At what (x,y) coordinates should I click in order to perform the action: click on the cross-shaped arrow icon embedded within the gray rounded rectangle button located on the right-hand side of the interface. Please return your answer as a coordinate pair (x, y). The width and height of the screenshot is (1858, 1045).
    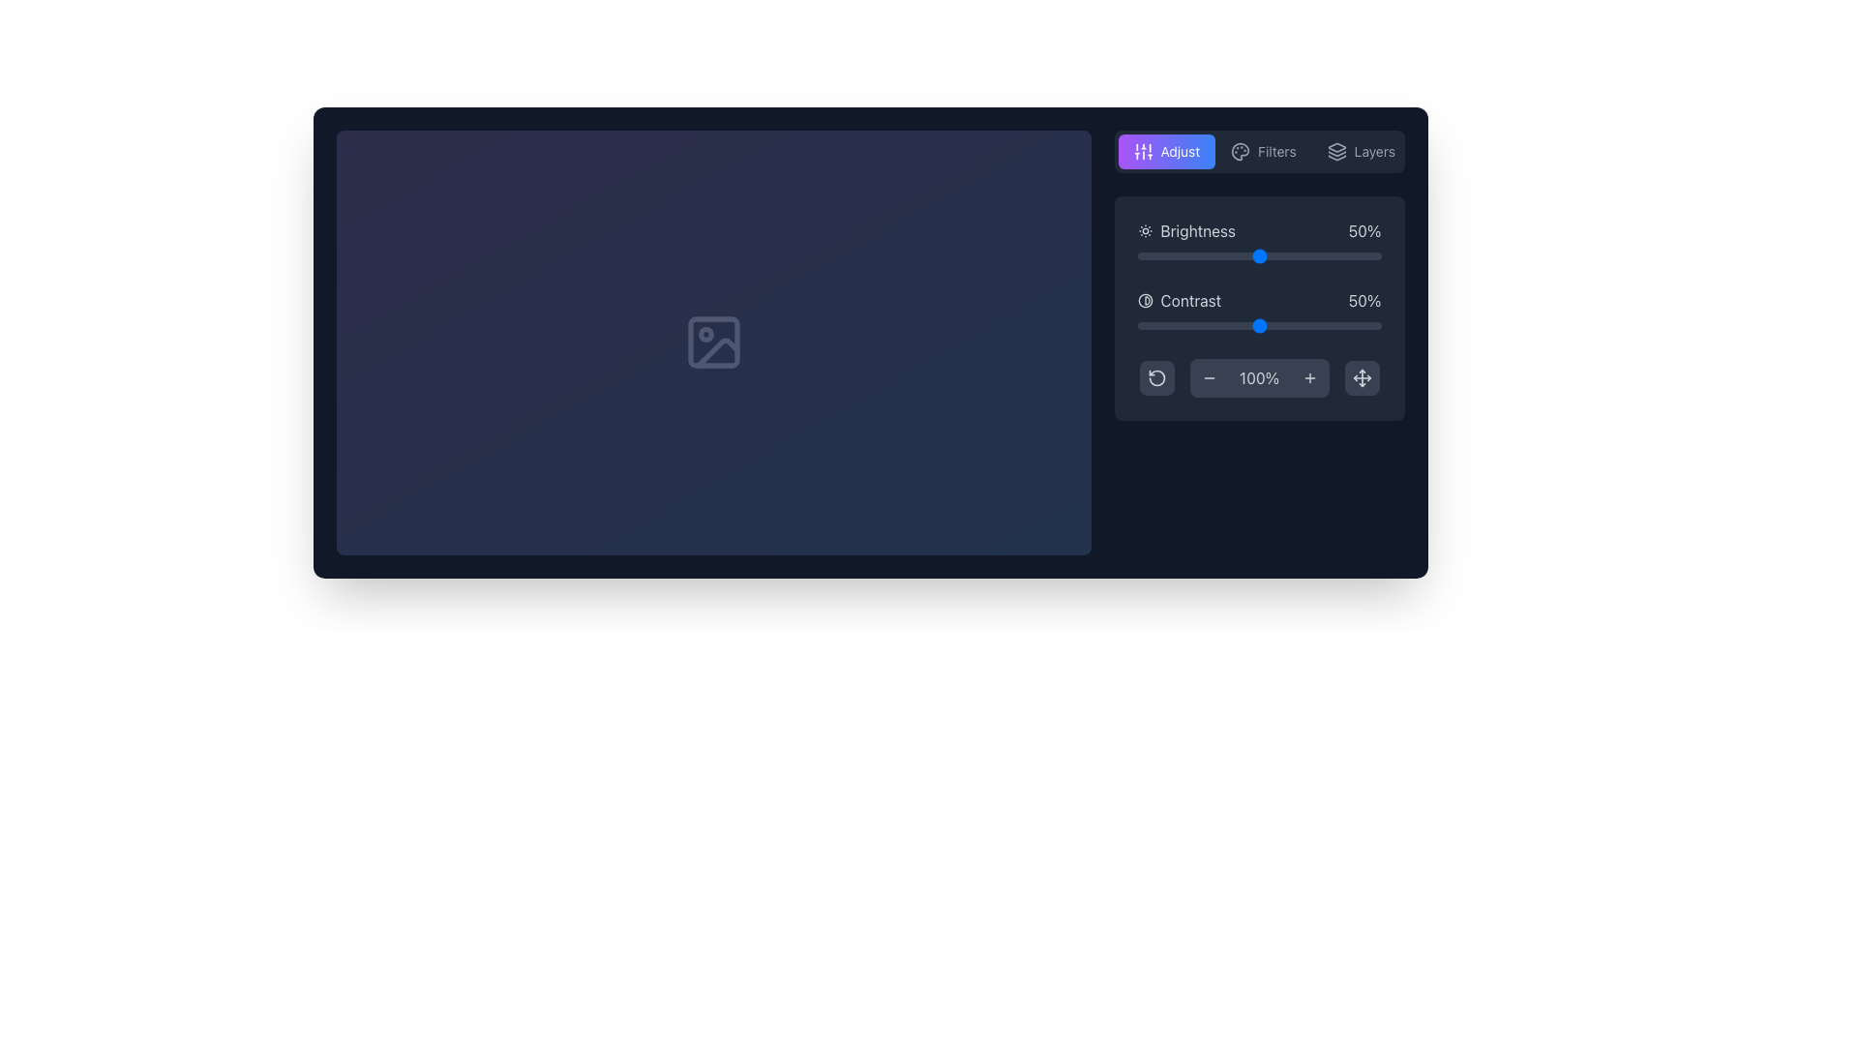
    Looking at the image, I should click on (1361, 377).